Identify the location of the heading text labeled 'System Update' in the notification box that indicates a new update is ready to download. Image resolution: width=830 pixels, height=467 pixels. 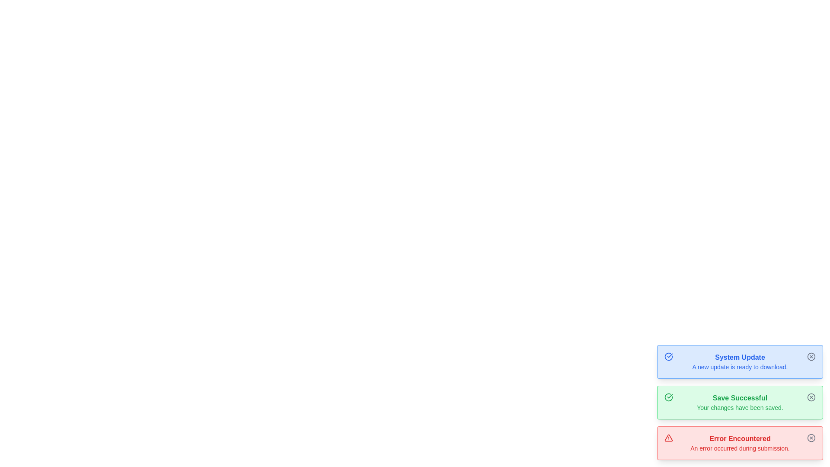
(740, 357).